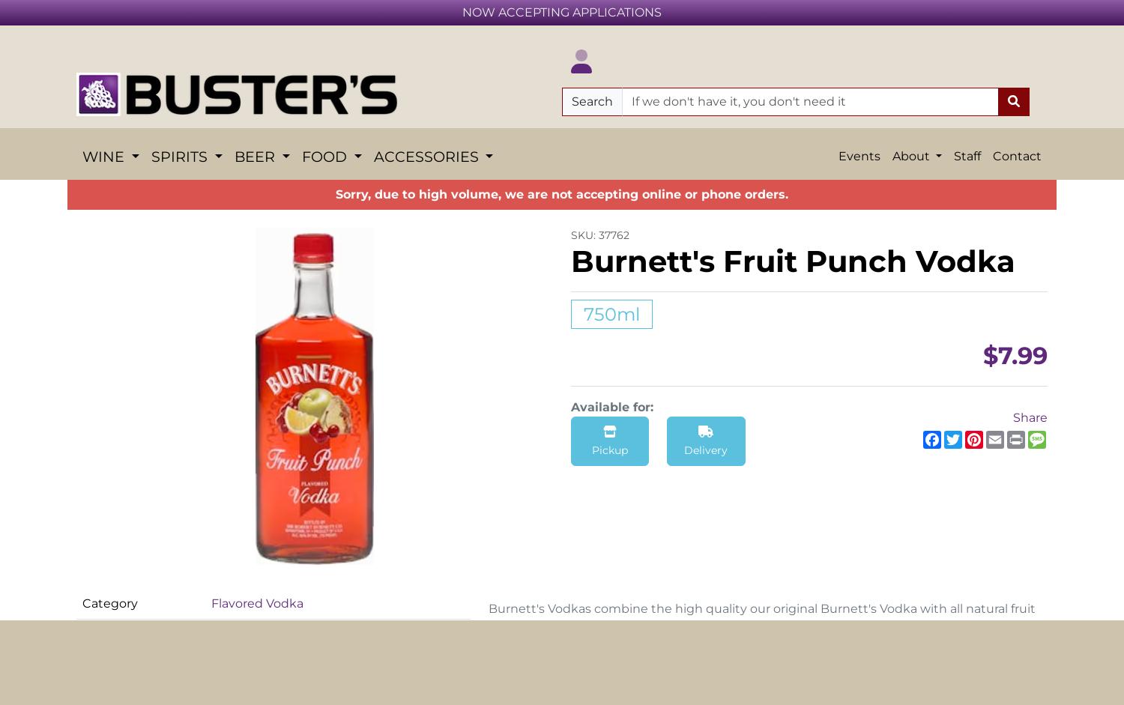  I want to click on 'Domestic', so click(431, 488).